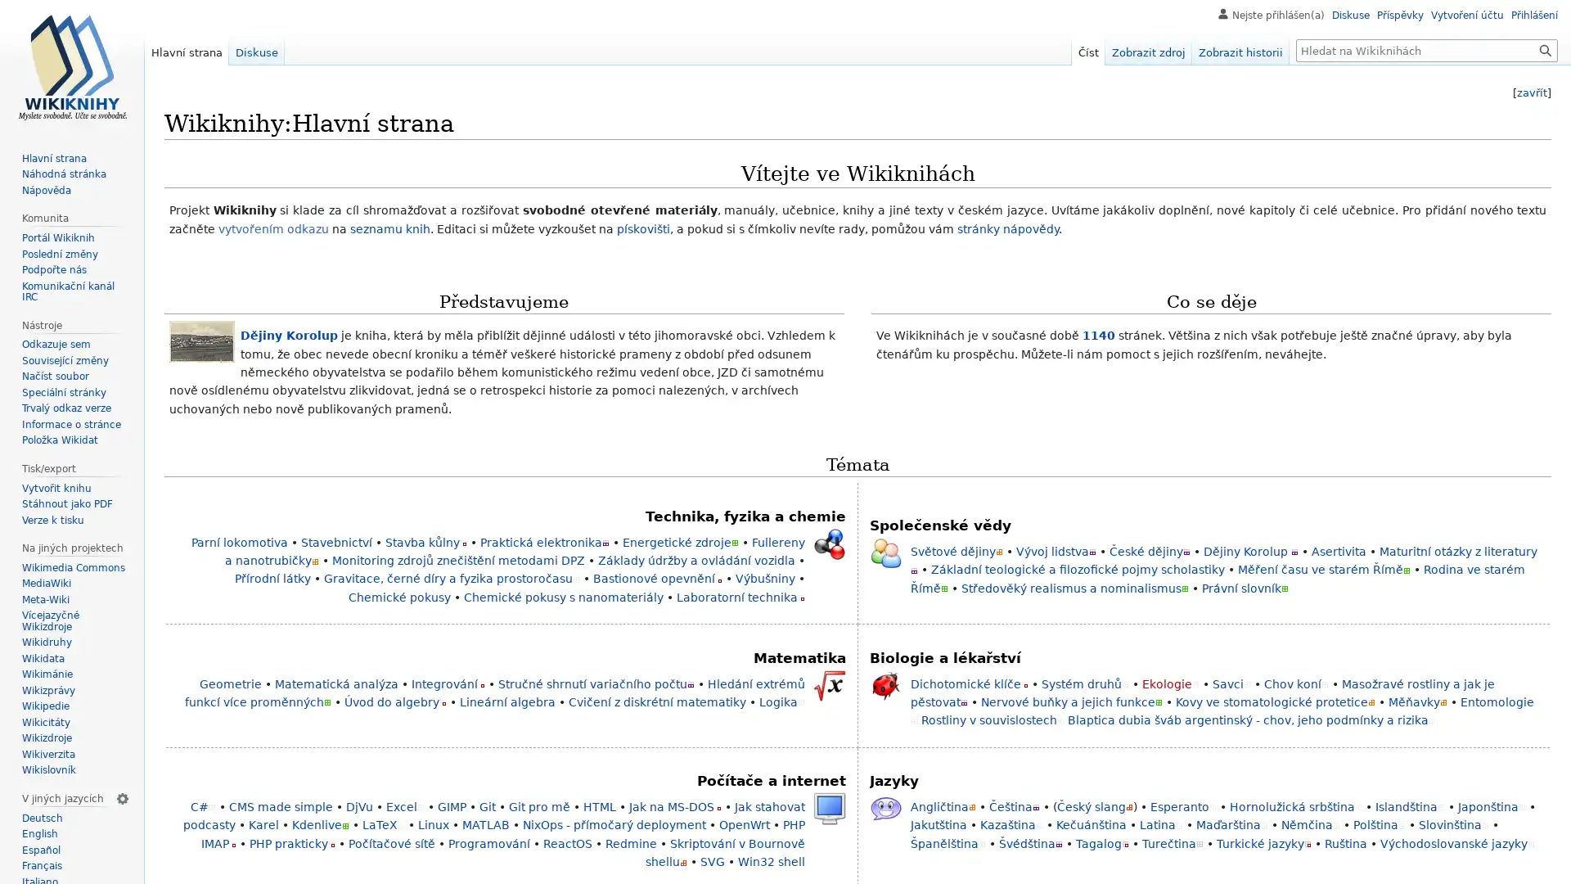 The height and width of the screenshot is (884, 1571). Describe the element at coordinates (1545, 49) in the screenshot. I see `Jit na` at that location.